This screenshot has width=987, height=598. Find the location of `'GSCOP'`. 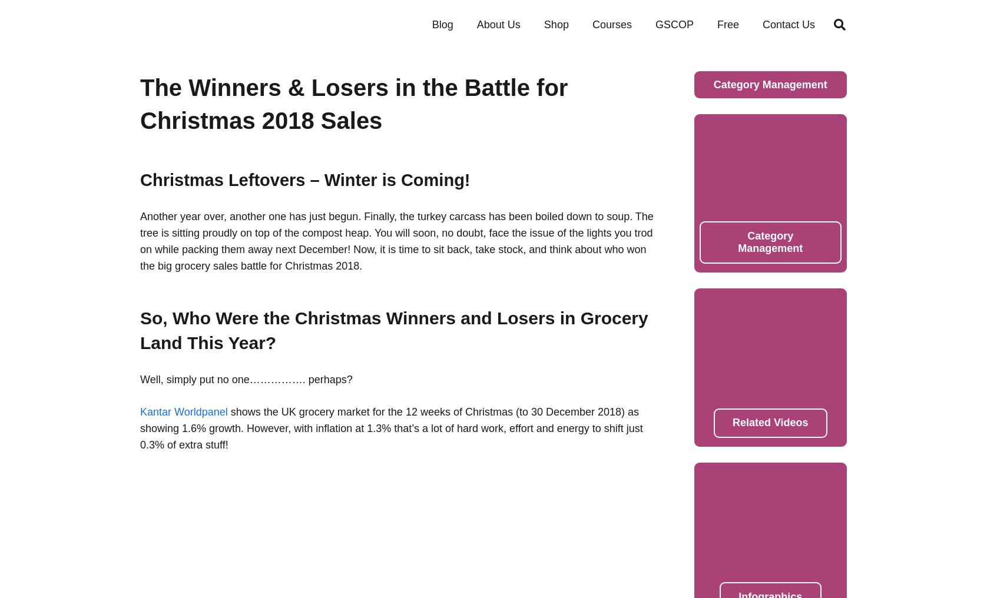

'GSCOP' is located at coordinates (654, 24).